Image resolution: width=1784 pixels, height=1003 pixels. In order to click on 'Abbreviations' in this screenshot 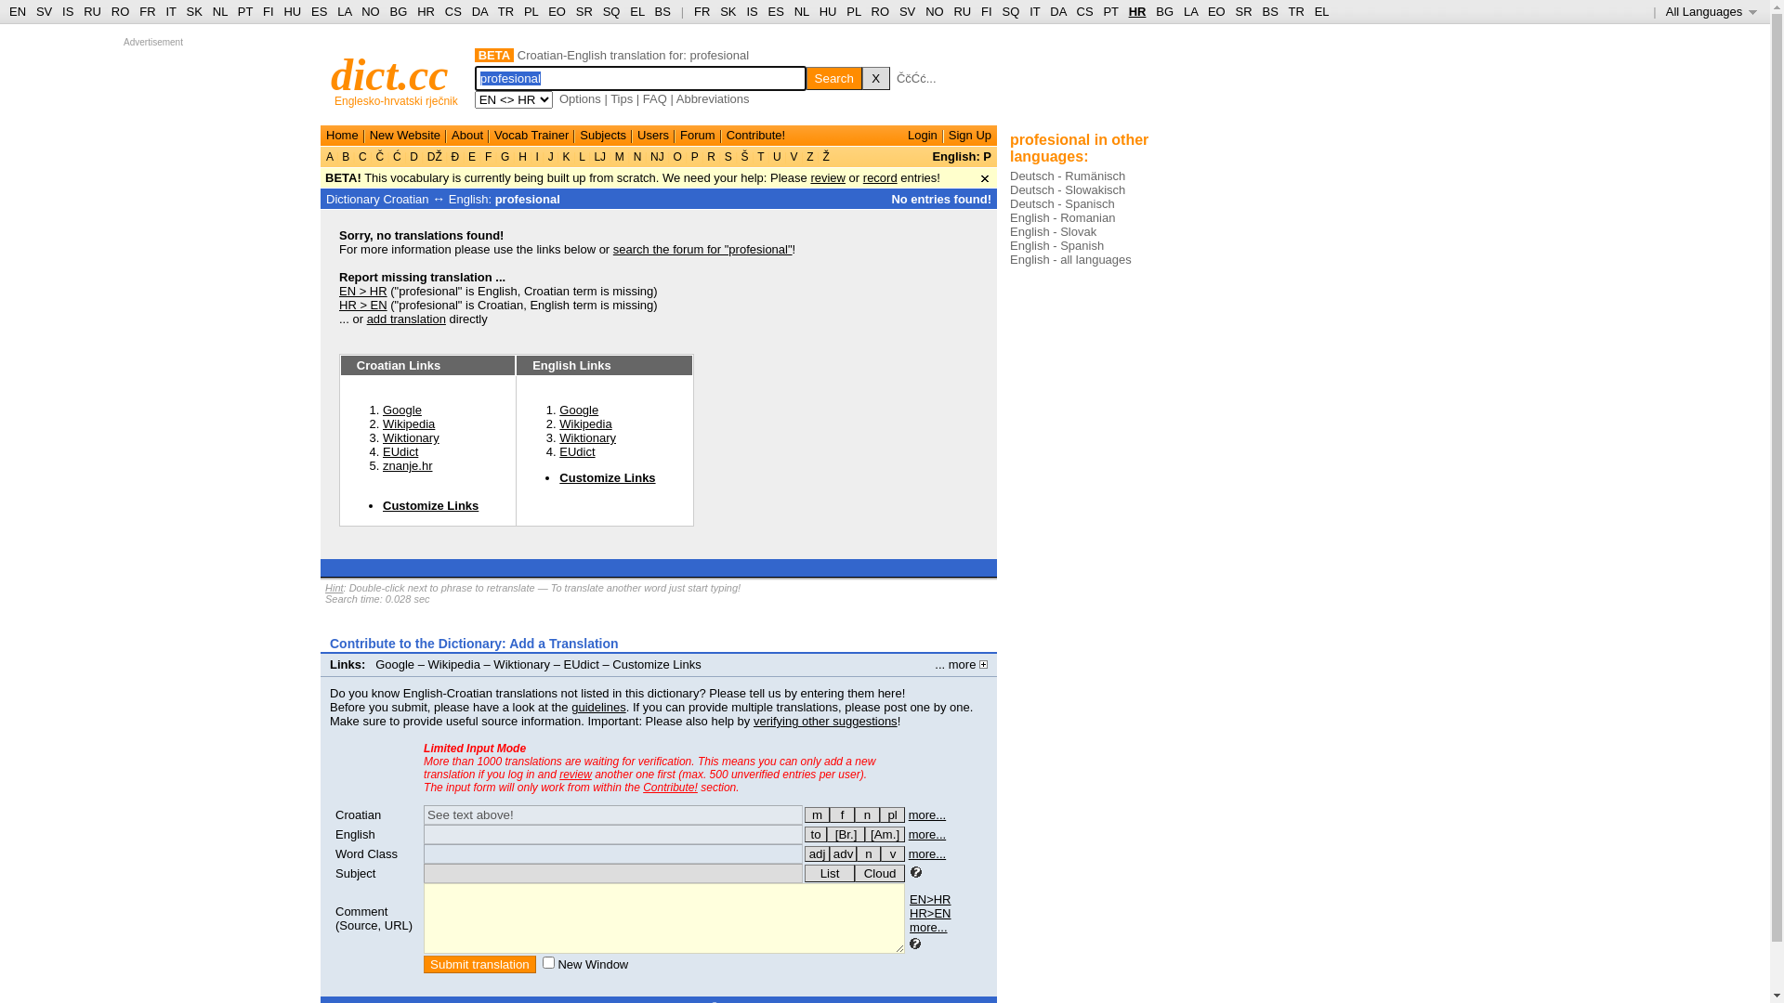, I will do `click(712, 98)`.